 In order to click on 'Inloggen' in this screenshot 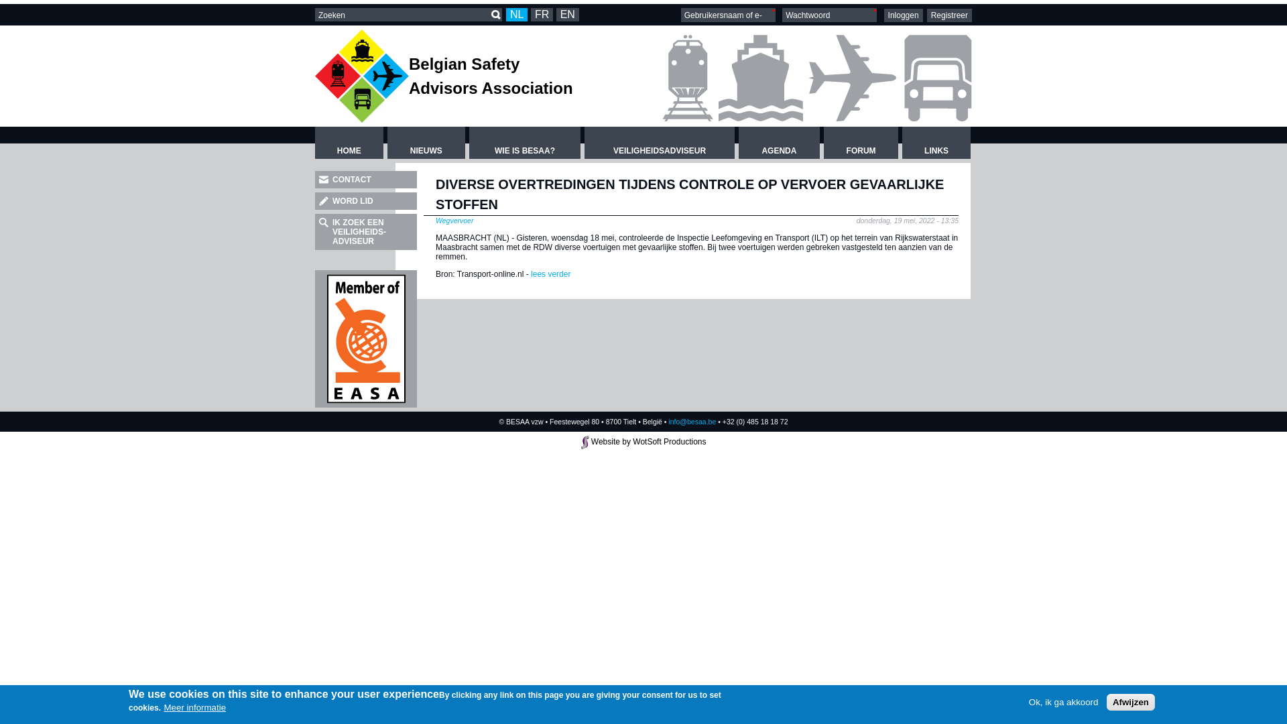, I will do `click(904, 15)`.